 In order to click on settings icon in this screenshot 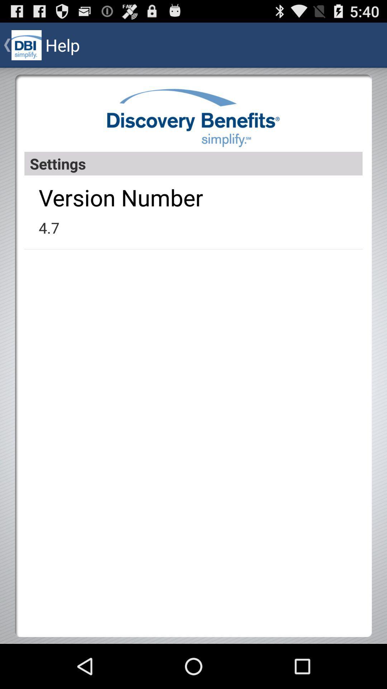, I will do `click(193, 163)`.